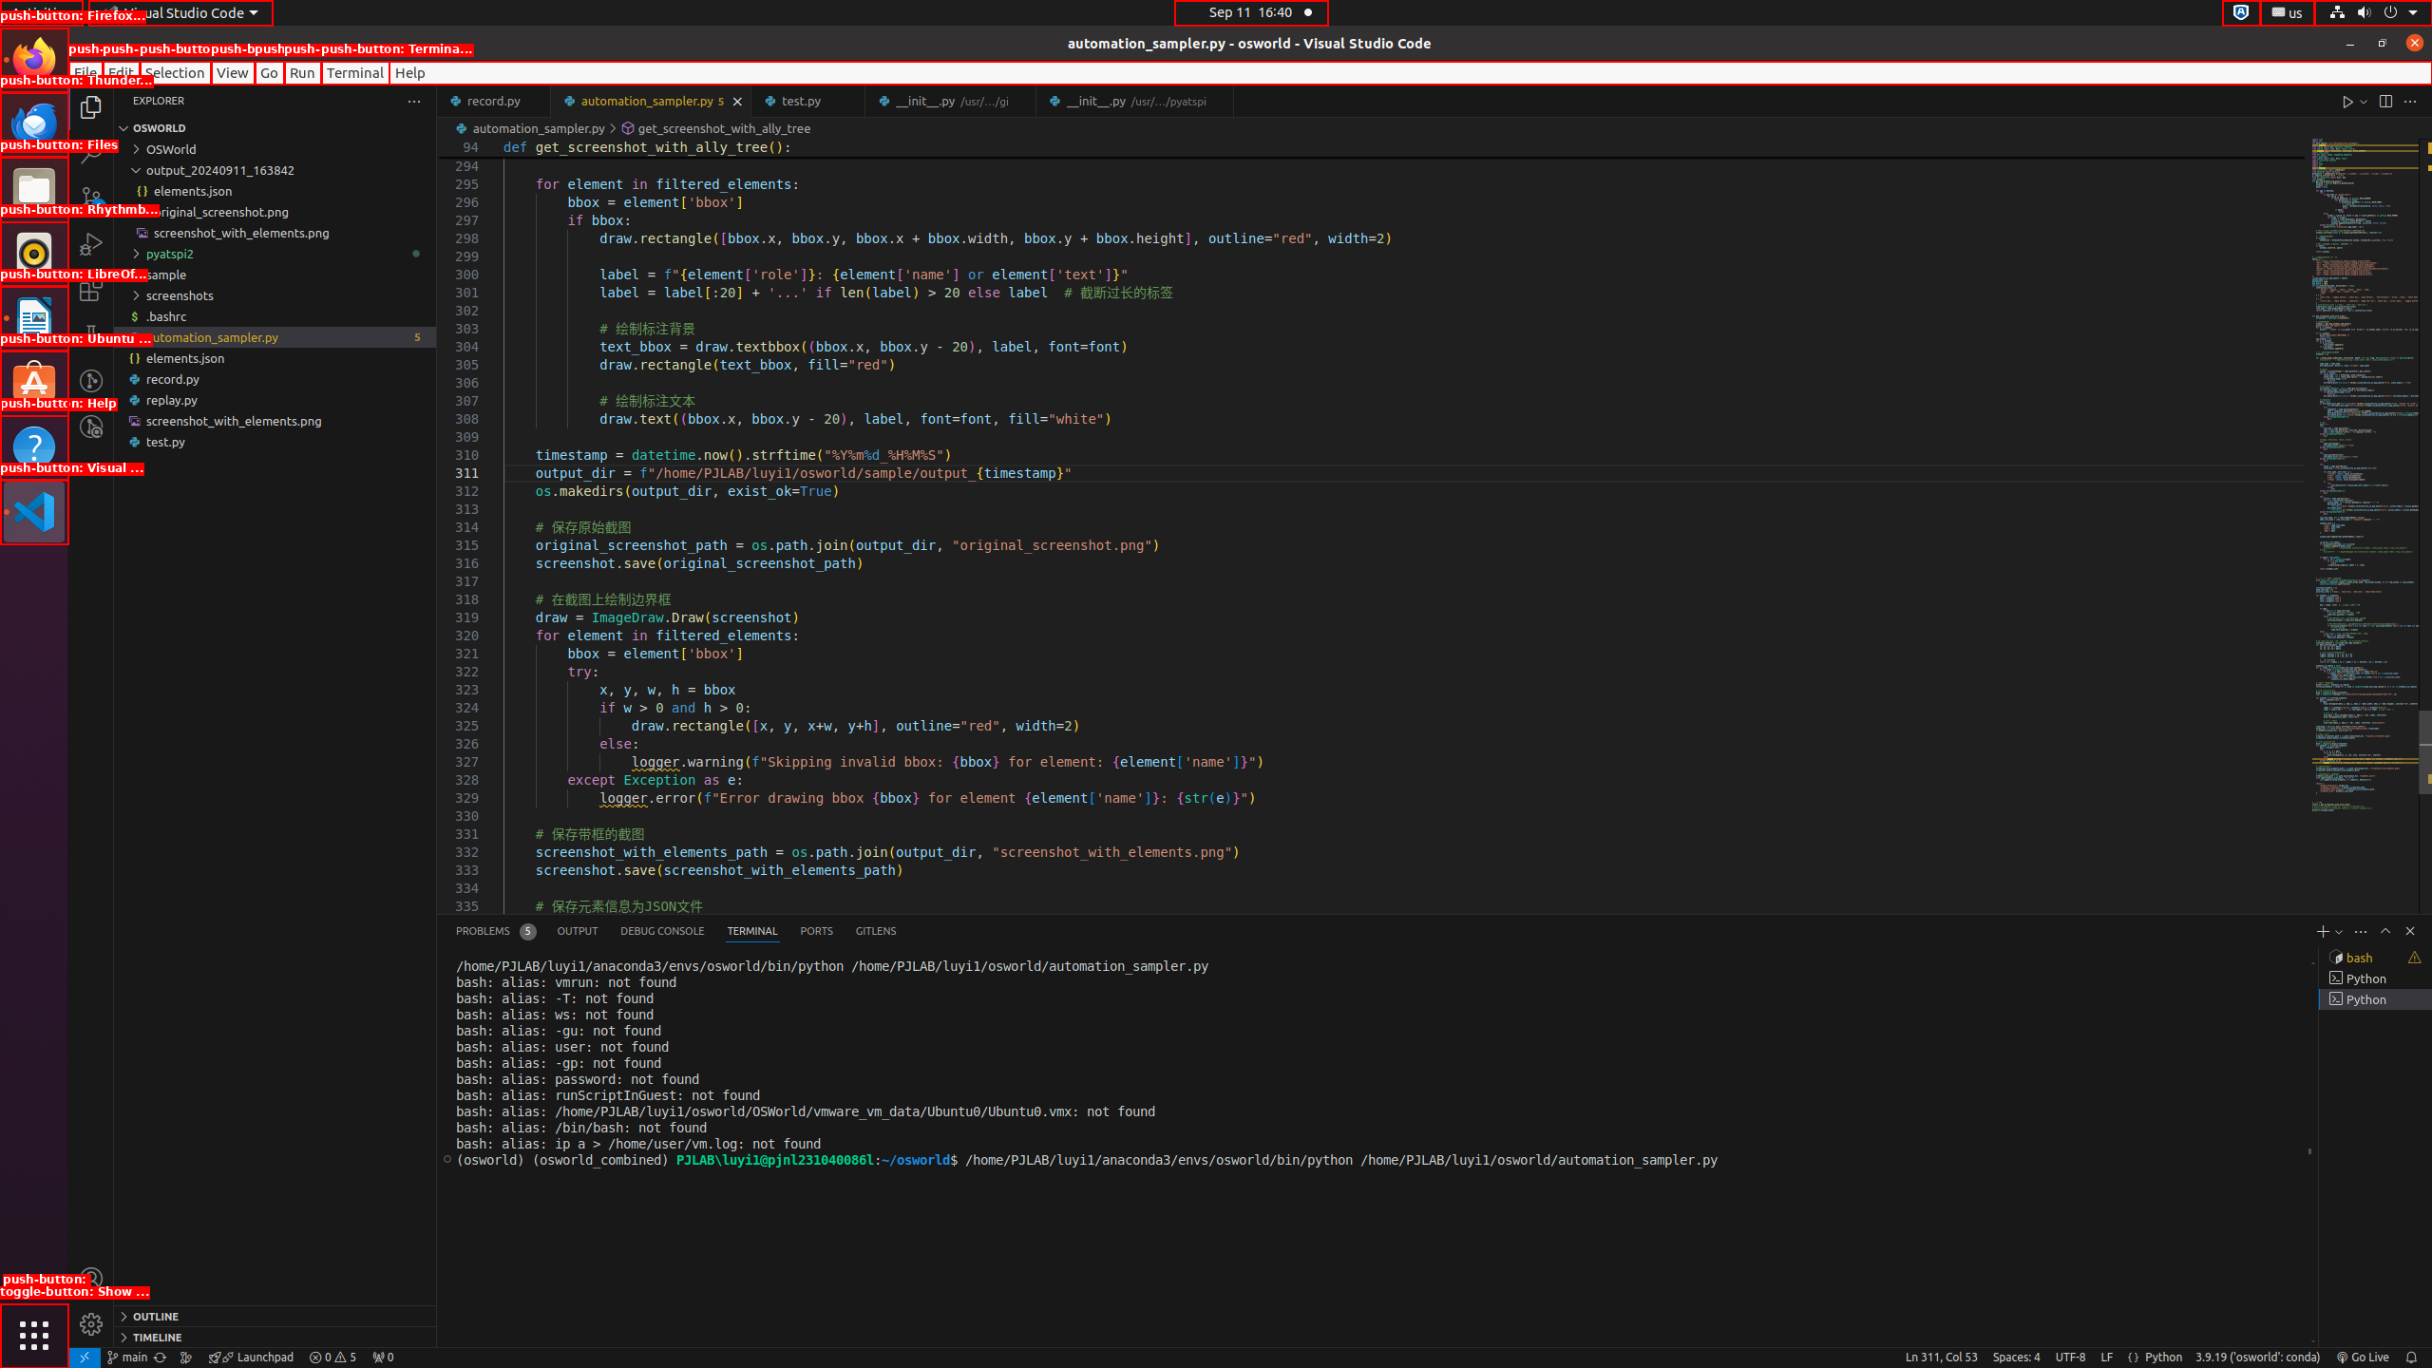 Image resolution: width=2432 pixels, height=1368 pixels. I want to click on 'Selection', so click(174, 72).